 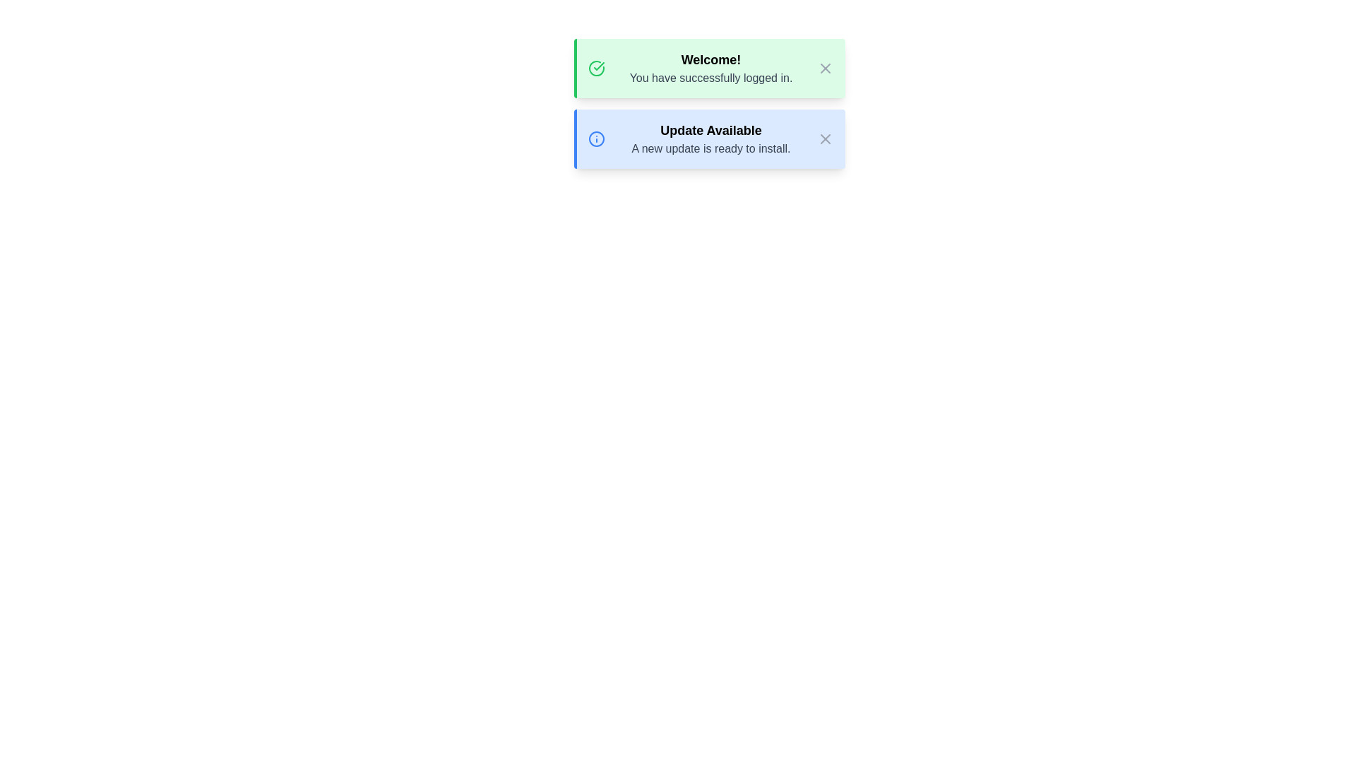 I want to click on the small gray 'X' close button located in the top-right corner of the green notification card to observe the styling change to a darker gray, so click(x=826, y=68).